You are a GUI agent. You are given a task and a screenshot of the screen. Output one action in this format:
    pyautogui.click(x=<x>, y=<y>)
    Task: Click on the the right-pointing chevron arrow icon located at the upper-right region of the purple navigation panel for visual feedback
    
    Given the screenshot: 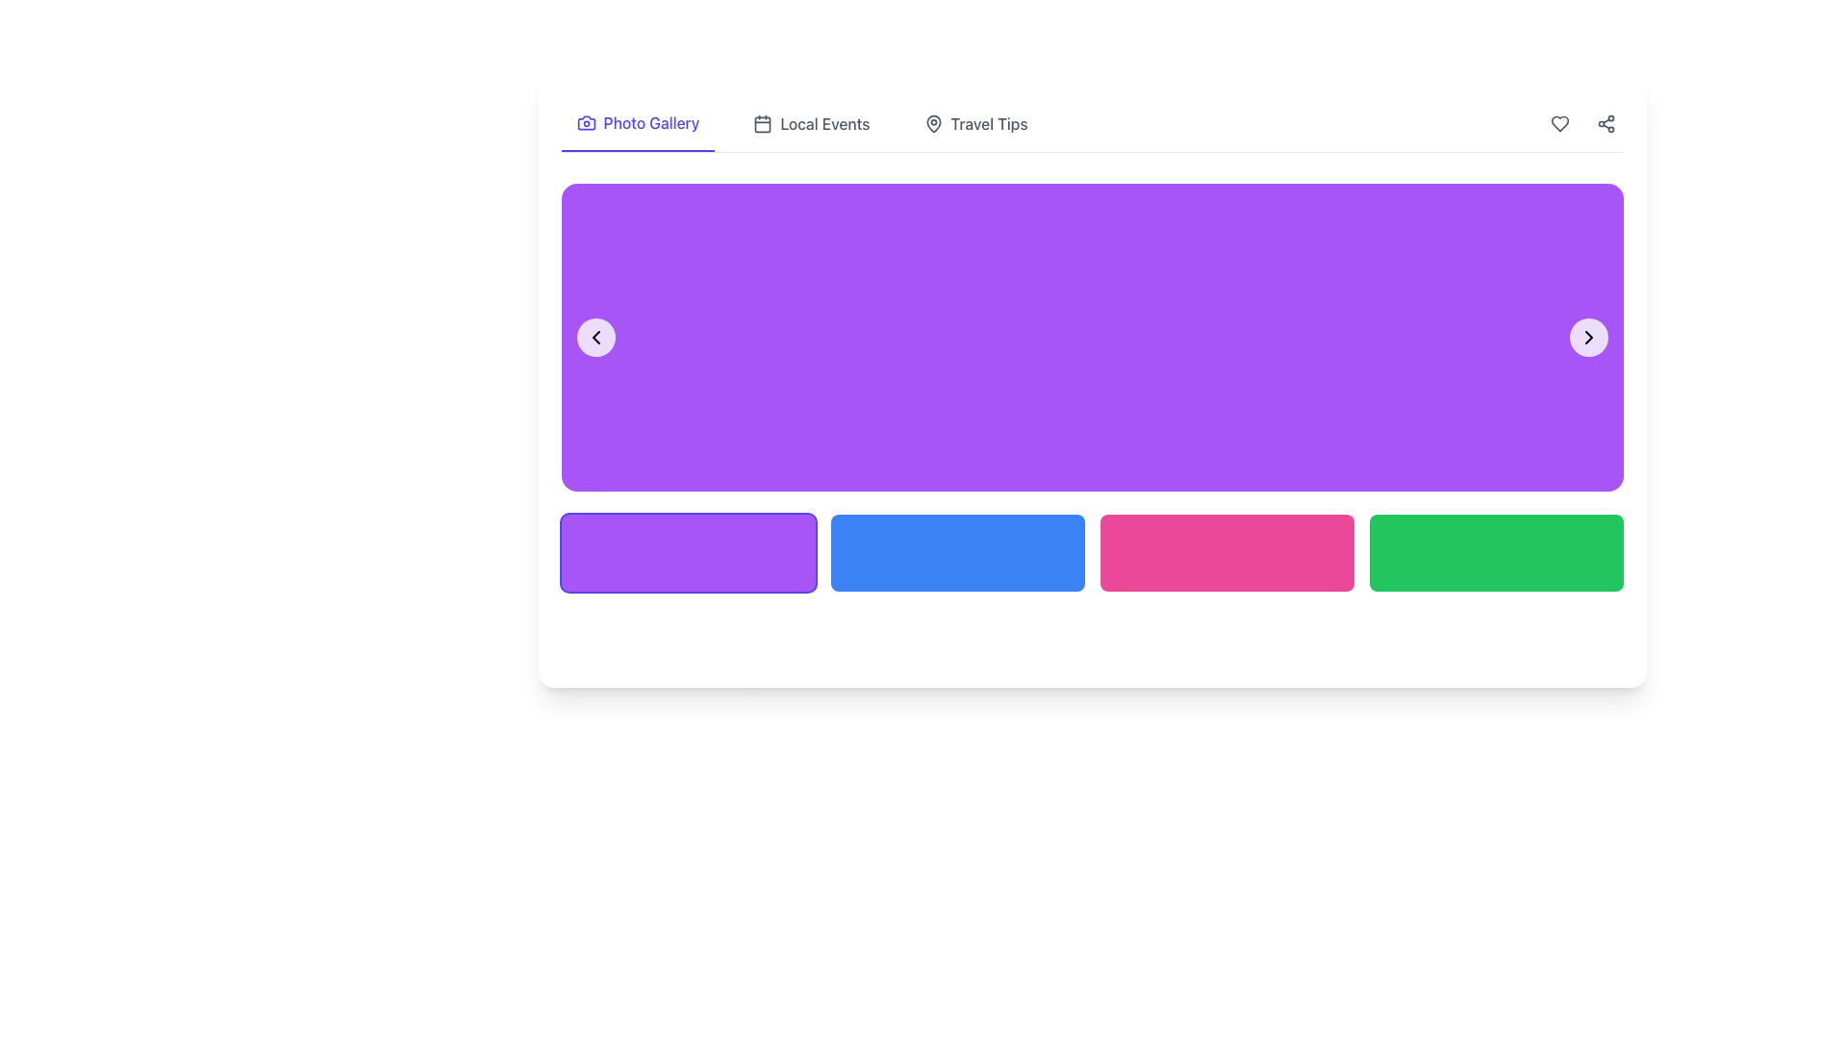 What is the action you would take?
    pyautogui.click(x=1588, y=337)
    